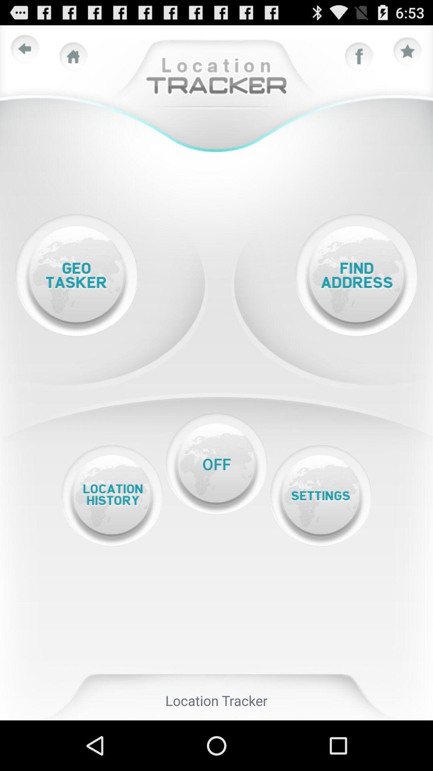 The width and height of the screenshot is (433, 771). I want to click on favorite, so click(408, 51).